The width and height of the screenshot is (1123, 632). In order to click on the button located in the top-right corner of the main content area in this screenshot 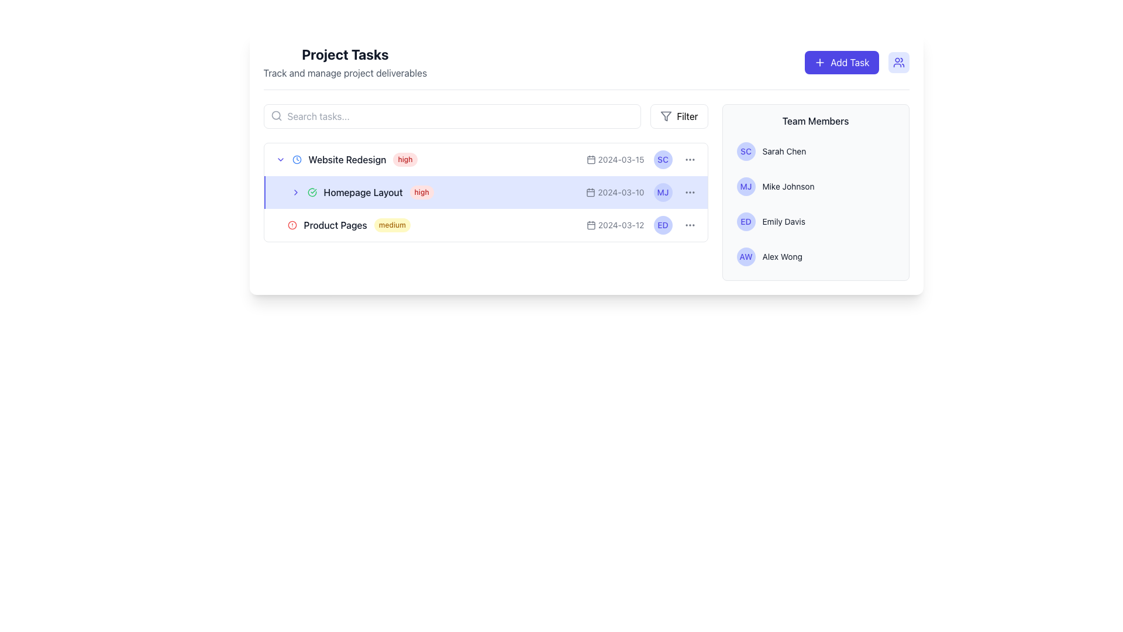, I will do `click(679, 116)`.